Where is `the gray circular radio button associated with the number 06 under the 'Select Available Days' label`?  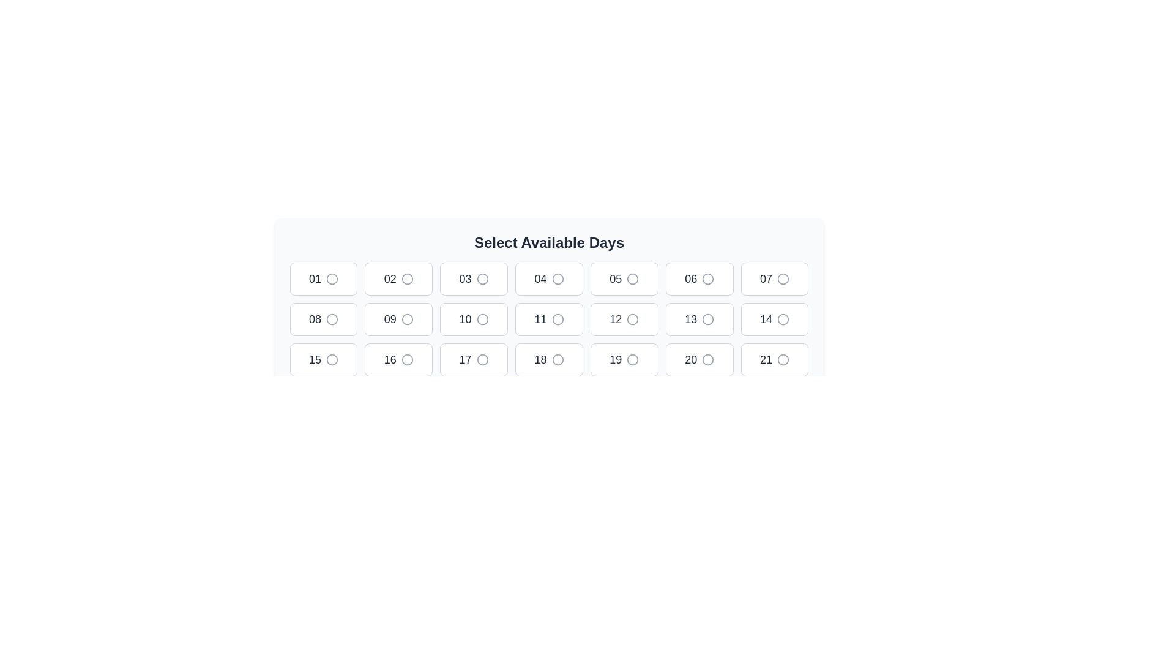 the gray circular radio button associated with the number 06 under the 'Select Available Days' label is located at coordinates (708, 278).